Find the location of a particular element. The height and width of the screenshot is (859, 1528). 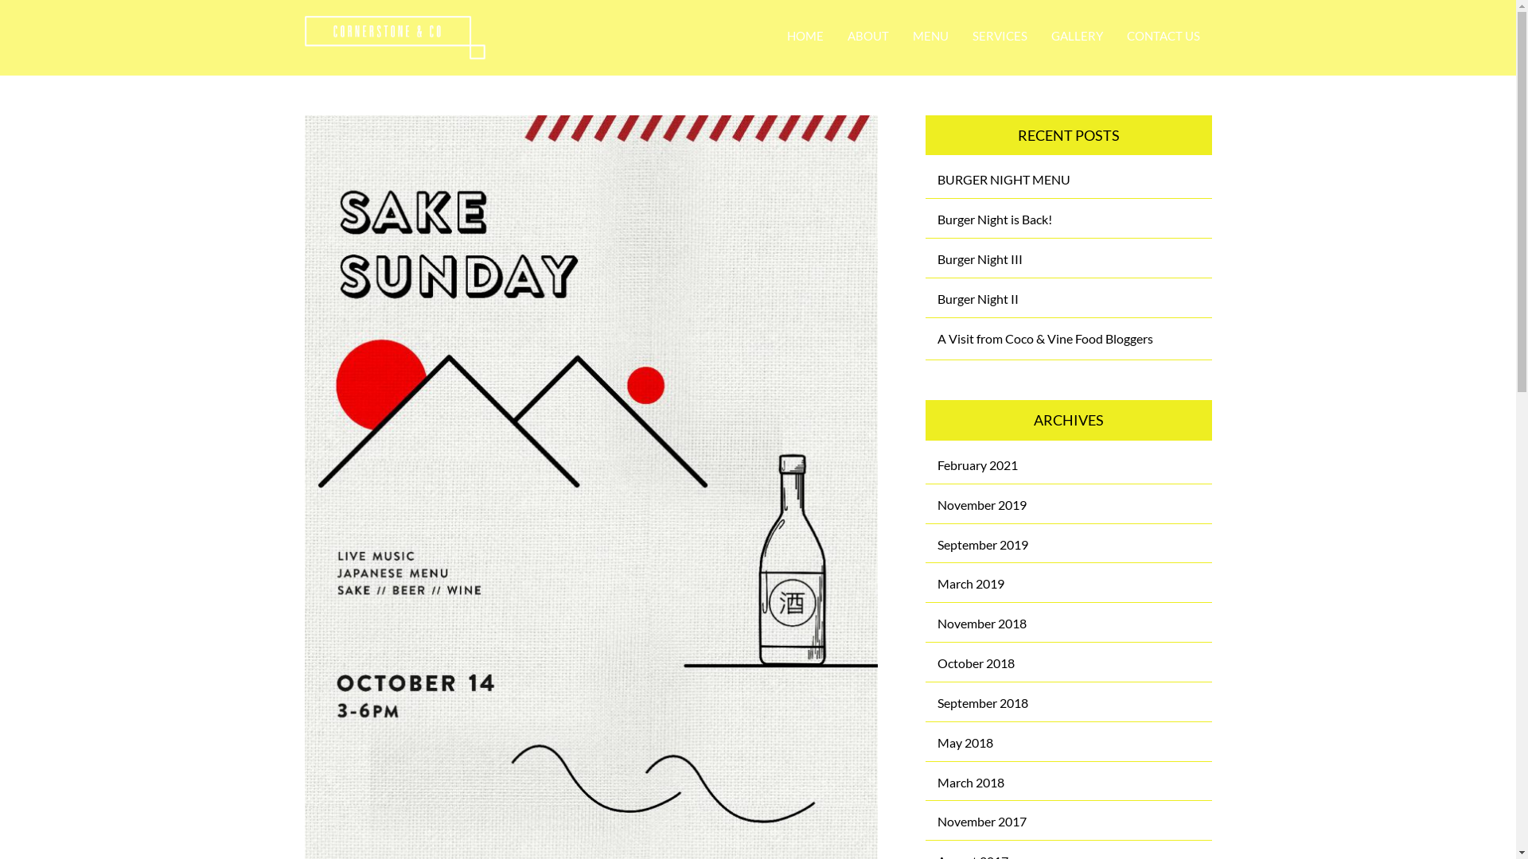

'A Visit from Coco & Vine Food Bloggers' is located at coordinates (1045, 337).